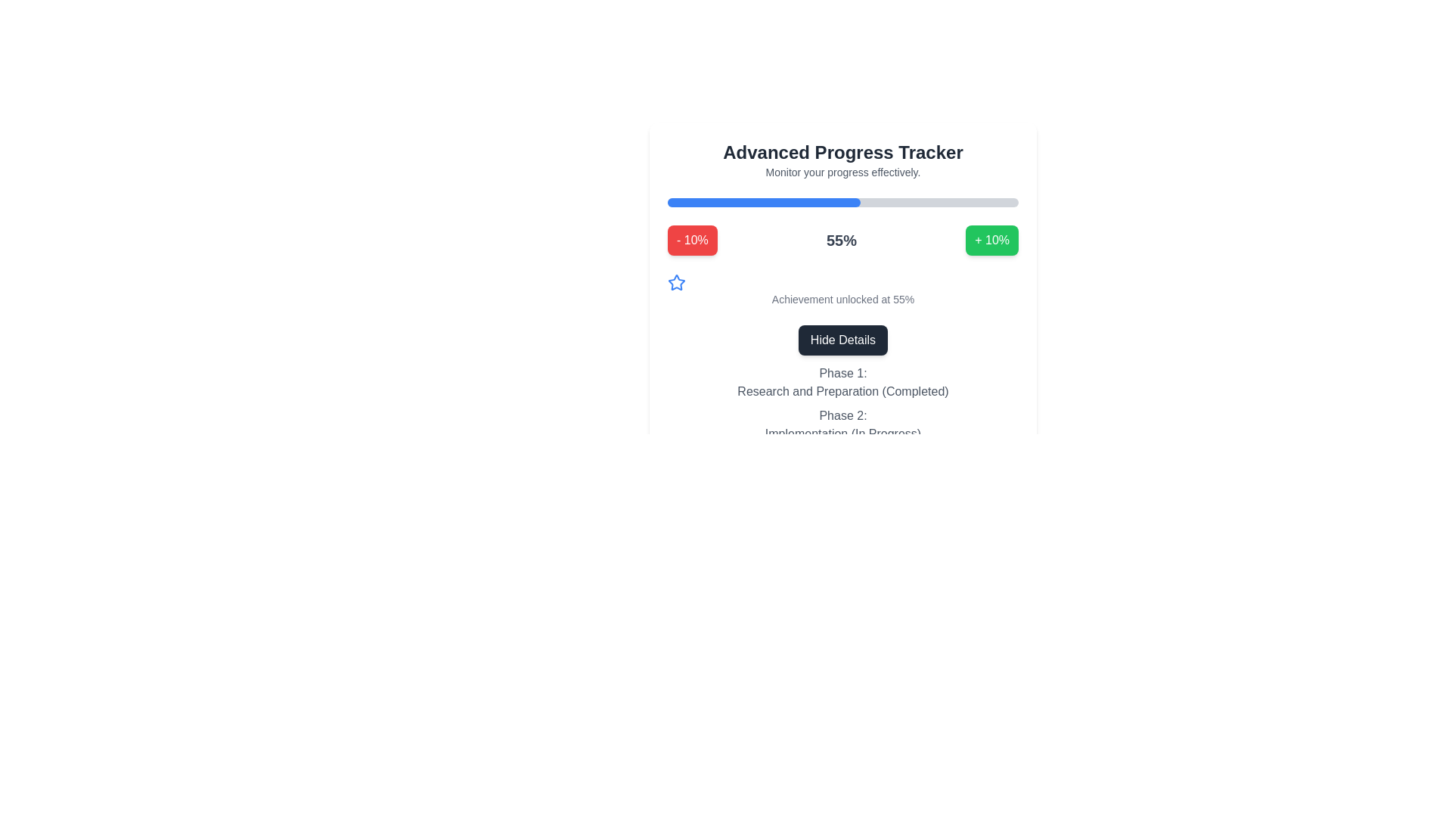  Describe the element at coordinates (842, 425) in the screenshot. I see `the text label displaying 'Phase 2: Implementation (In Progress)' which is centrally located under 'Advanced Progress Tracker'` at that location.